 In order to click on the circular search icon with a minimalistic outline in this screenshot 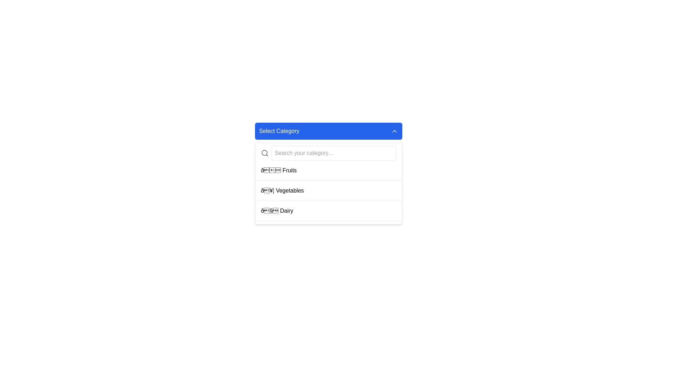, I will do `click(264, 152)`.